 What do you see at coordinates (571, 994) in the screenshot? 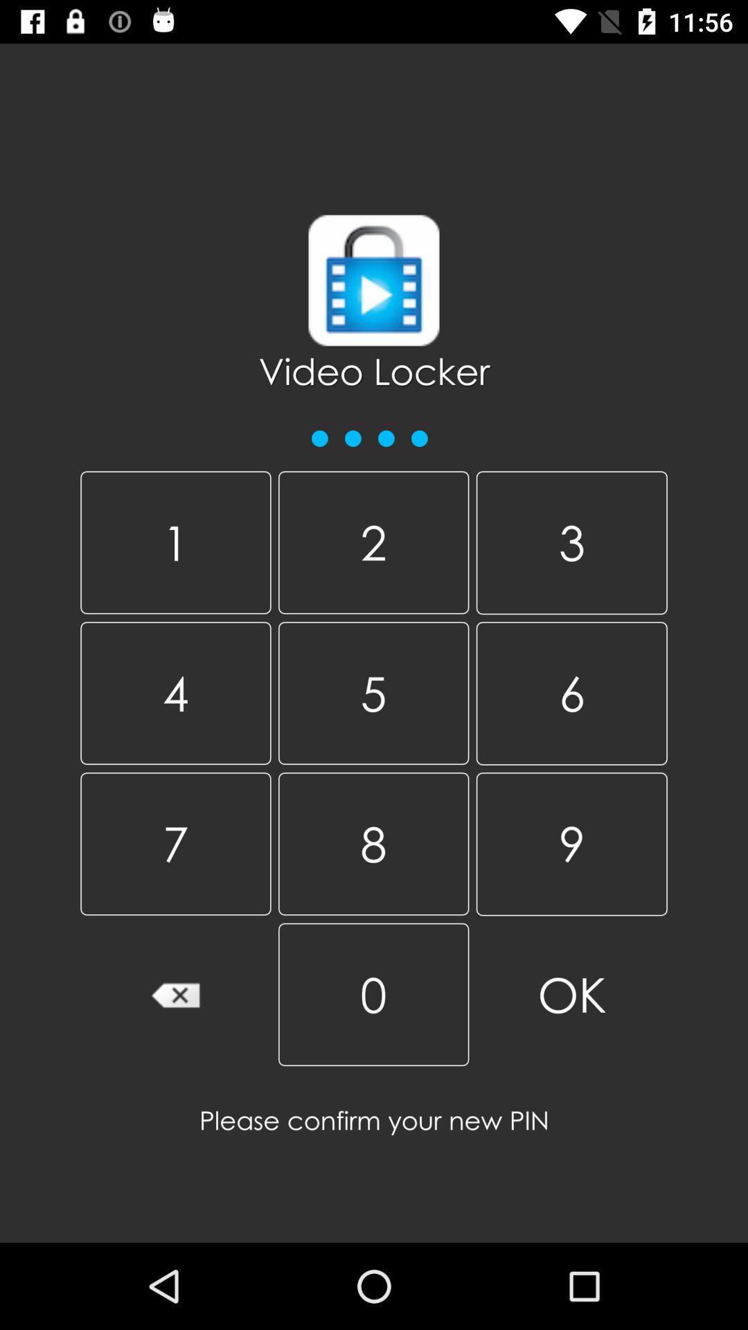
I see `the item at the bottom right corner` at bounding box center [571, 994].